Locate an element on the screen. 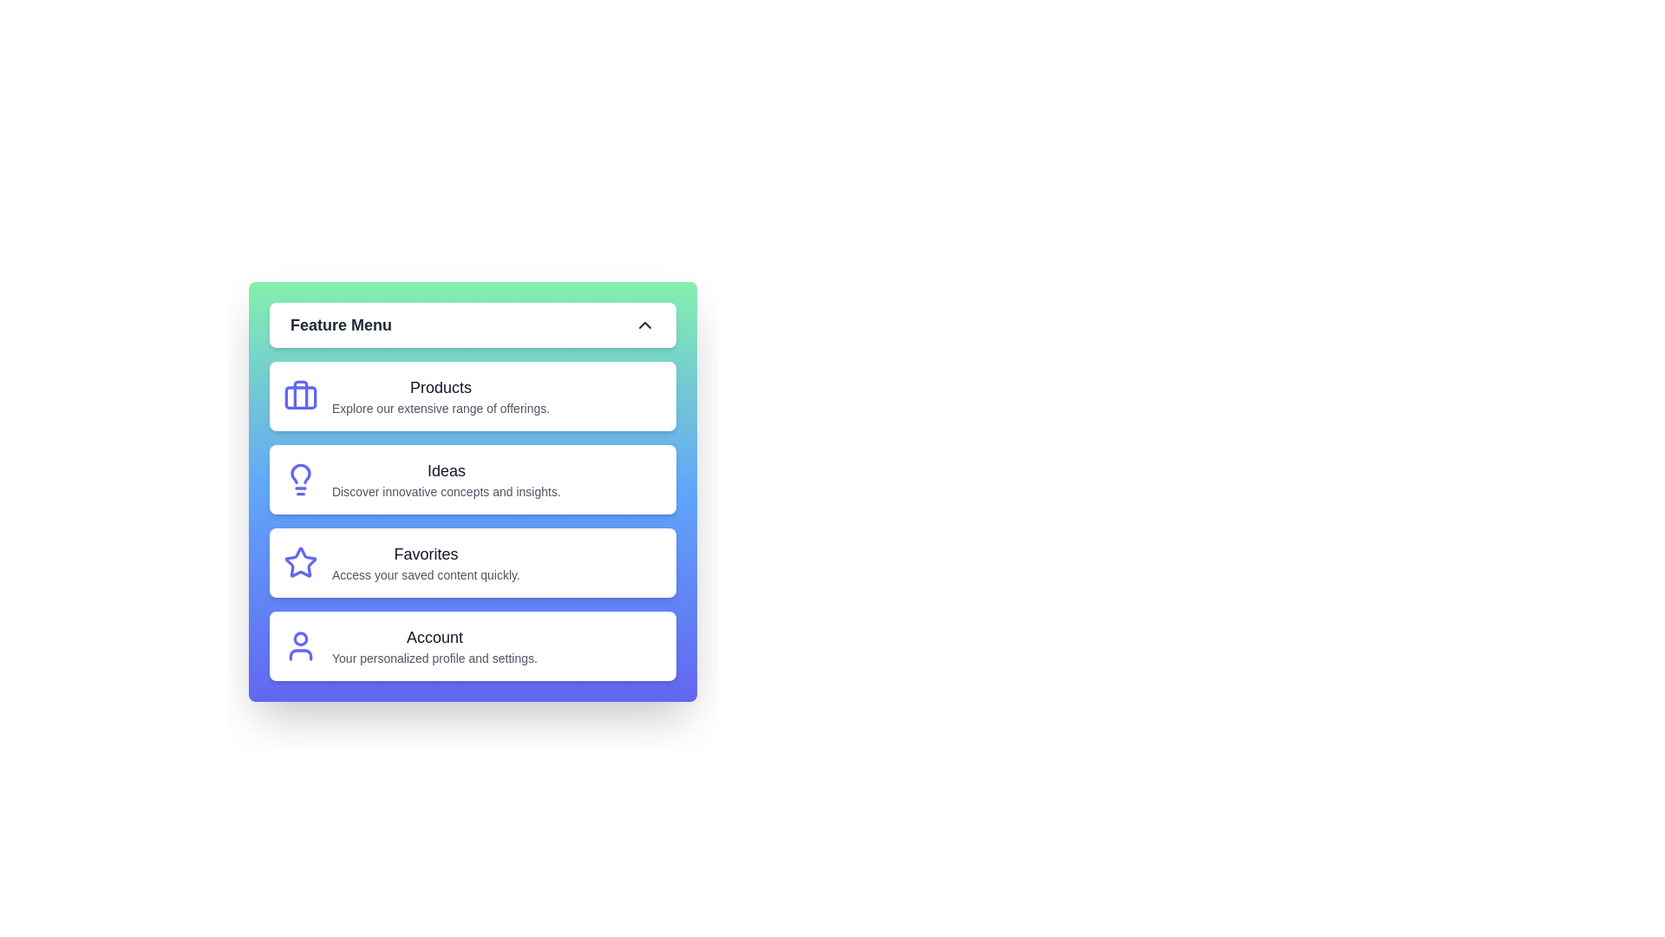 This screenshot has height=937, width=1665. the menu item Favorites from the Feature Menu is located at coordinates (473, 562).